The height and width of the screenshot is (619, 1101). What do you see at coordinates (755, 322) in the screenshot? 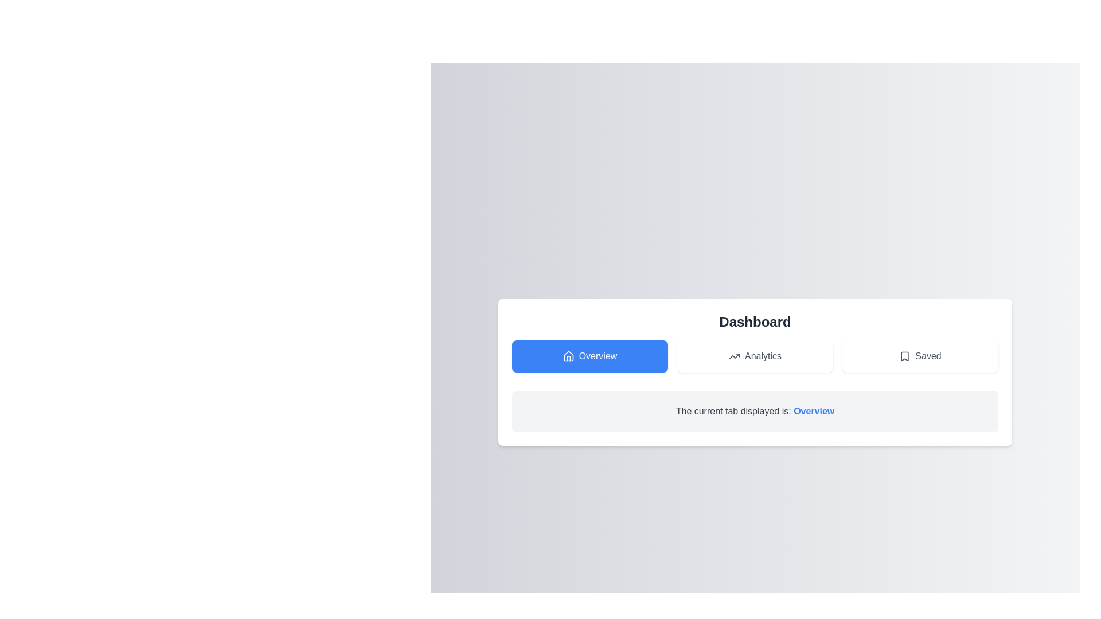
I see `the bold heading labeled 'Dashboard' which is styled in dark gray against a white background` at bounding box center [755, 322].